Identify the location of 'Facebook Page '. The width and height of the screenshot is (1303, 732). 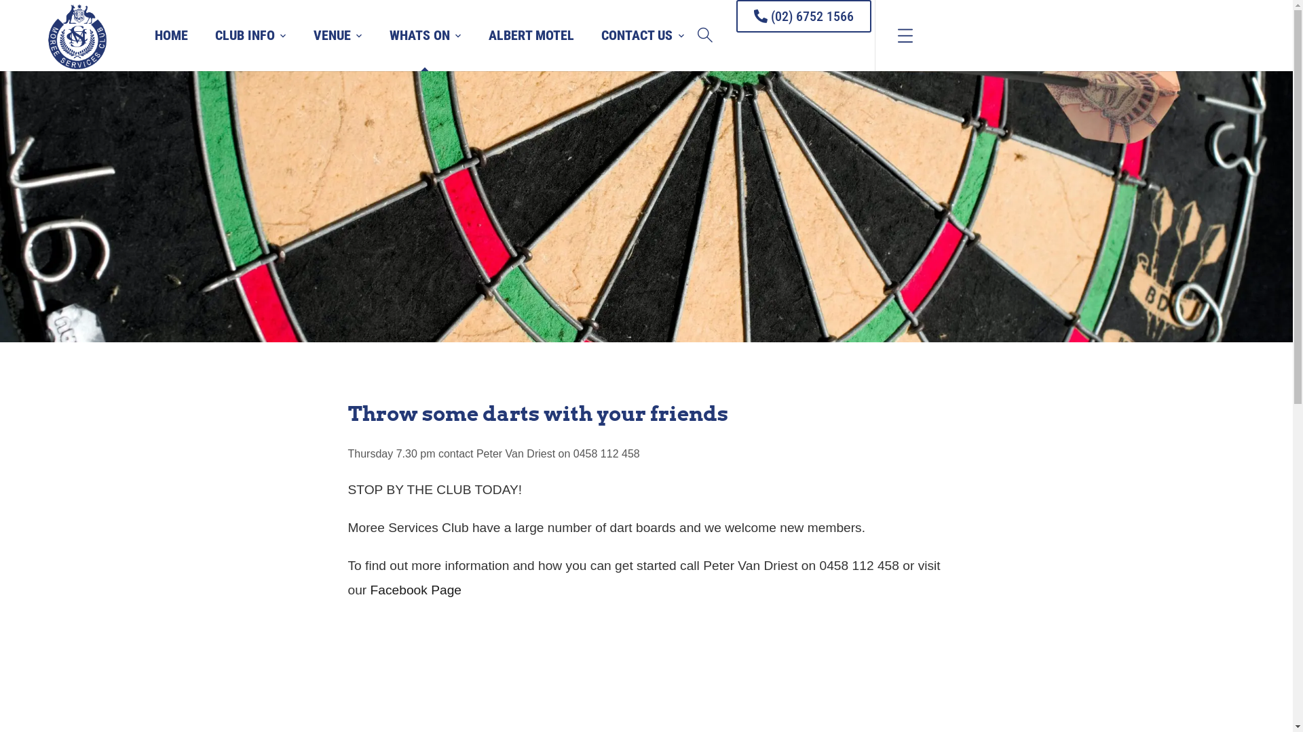
(417, 589).